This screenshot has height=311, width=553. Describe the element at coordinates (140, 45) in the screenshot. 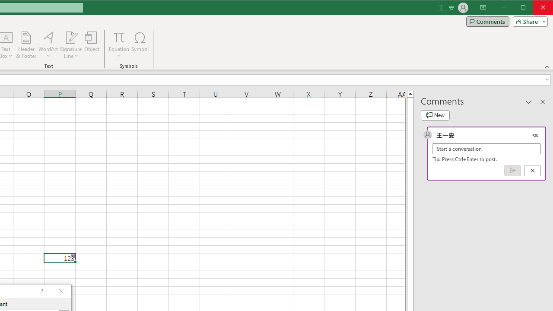

I see `'Symbol...'` at that location.